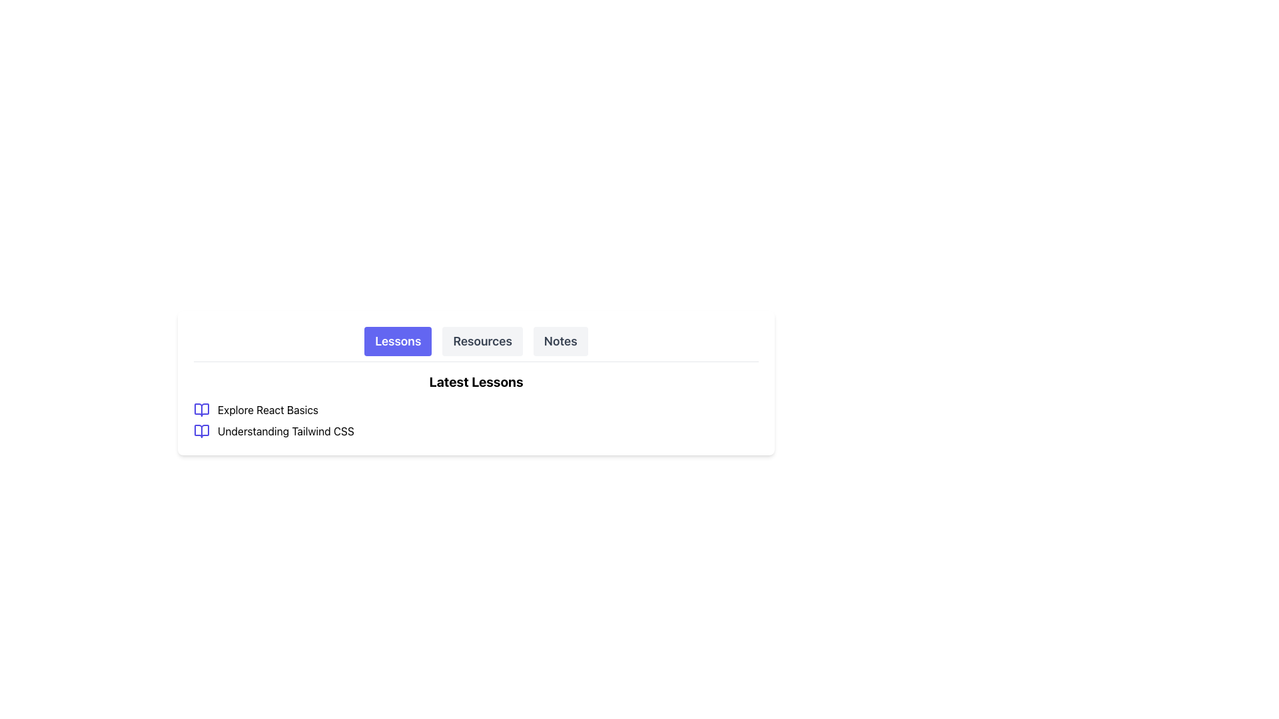 This screenshot has width=1279, height=719. I want to click on the 'Resources' button, which is the second button in a horizontal arrangement of three buttons, so click(482, 341).